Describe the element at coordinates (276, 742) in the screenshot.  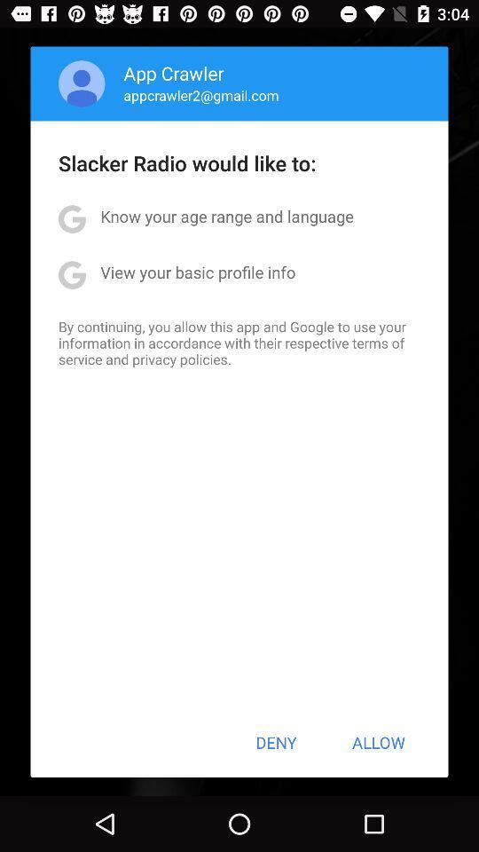
I see `the item below by continuing you app` at that location.